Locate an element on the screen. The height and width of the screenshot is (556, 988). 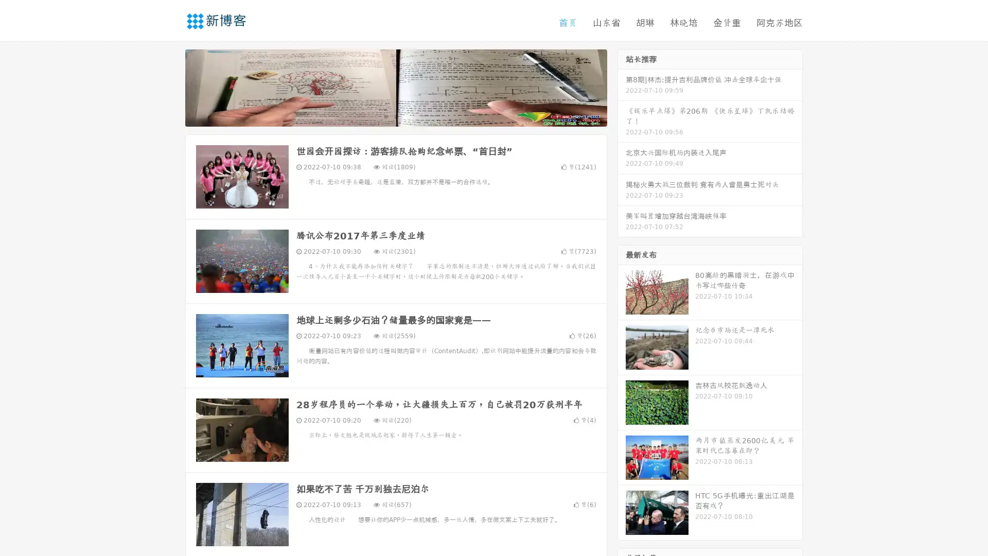
Go to slide 3 is located at coordinates (406, 116).